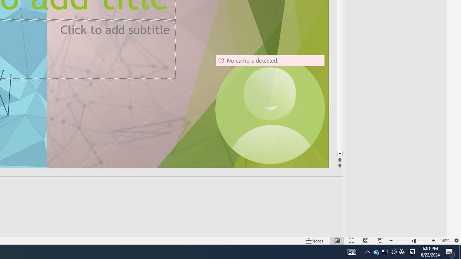  I want to click on 'Camera 16, No camera detected.', so click(269, 109).